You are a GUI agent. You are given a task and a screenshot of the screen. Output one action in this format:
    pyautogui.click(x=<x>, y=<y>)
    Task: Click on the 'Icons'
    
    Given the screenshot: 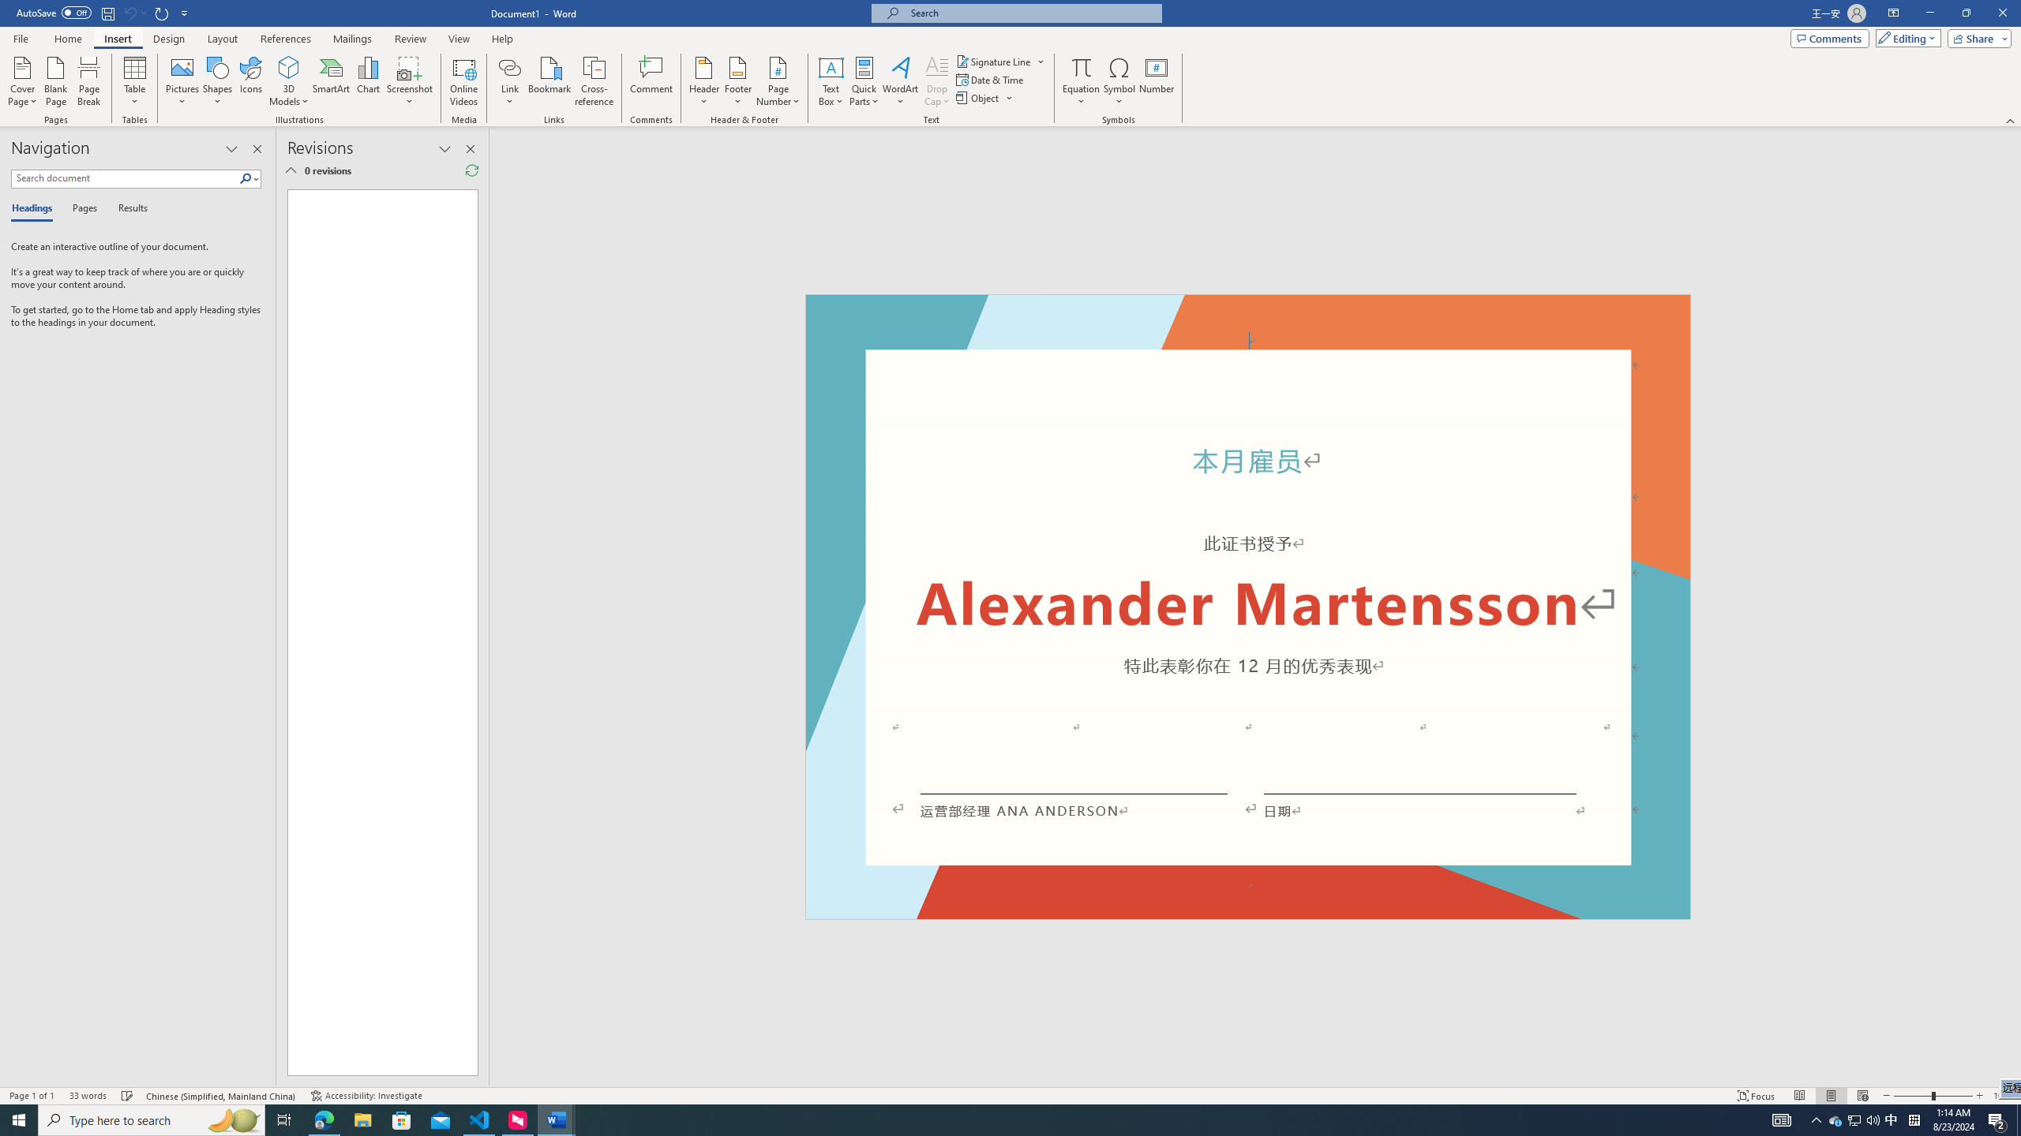 What is the action you would take?
    pyautogui.click(x=250, y=81)
    